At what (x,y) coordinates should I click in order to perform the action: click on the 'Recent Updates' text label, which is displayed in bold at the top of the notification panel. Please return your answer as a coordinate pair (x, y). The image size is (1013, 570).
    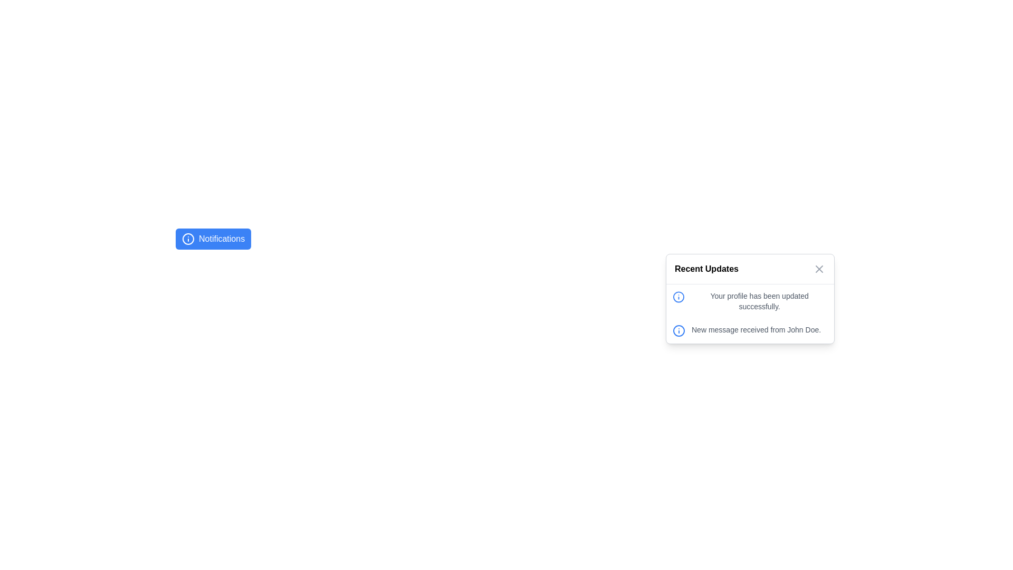
    Looking at the image, I should click on (706, 268).